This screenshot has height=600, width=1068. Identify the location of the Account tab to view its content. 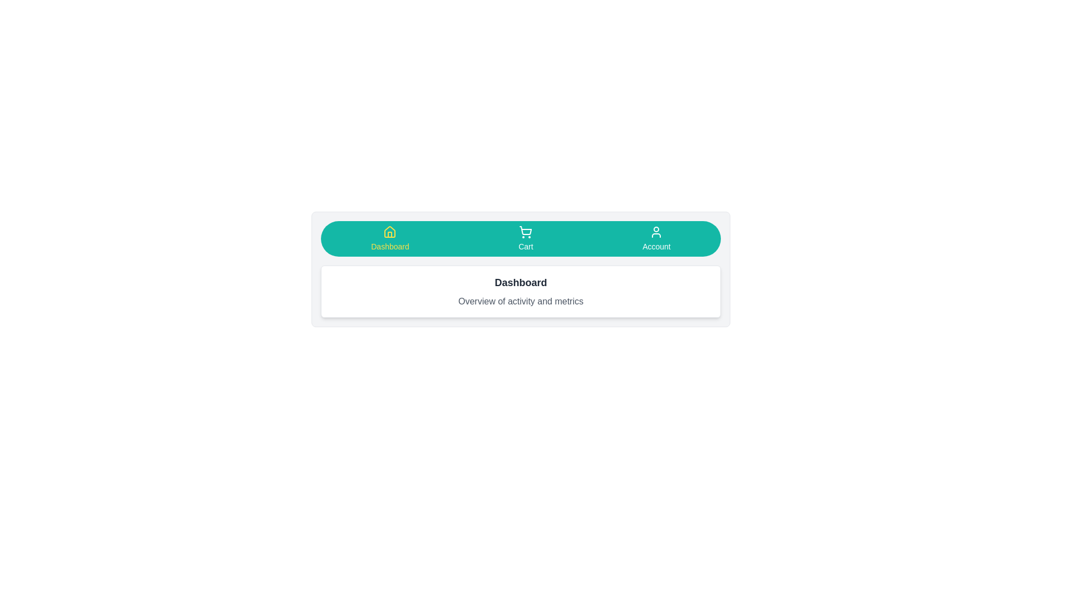
(656, 238).